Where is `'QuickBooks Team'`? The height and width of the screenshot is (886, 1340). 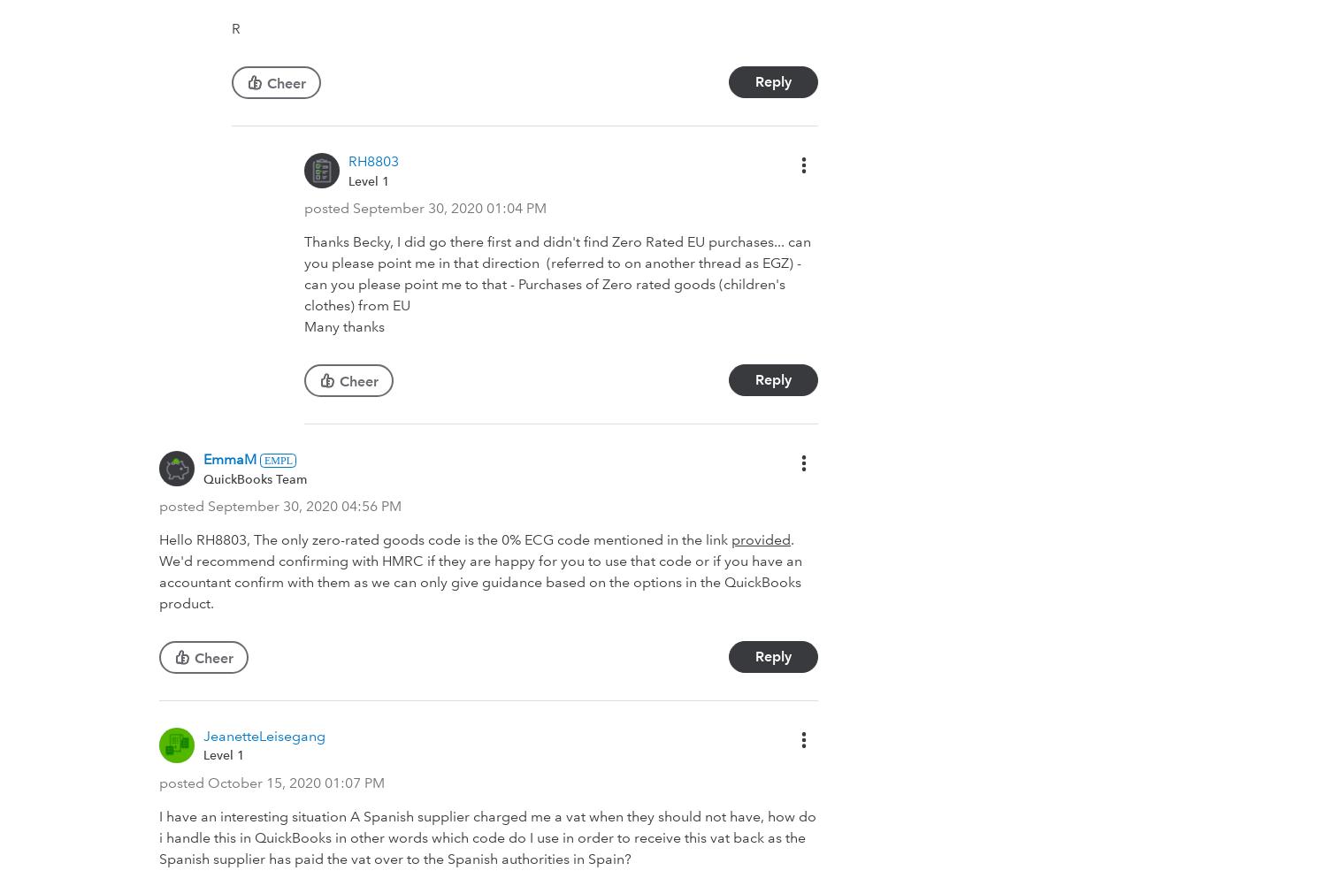 'QuickBooks Team' is located at coordinates (255, 477).